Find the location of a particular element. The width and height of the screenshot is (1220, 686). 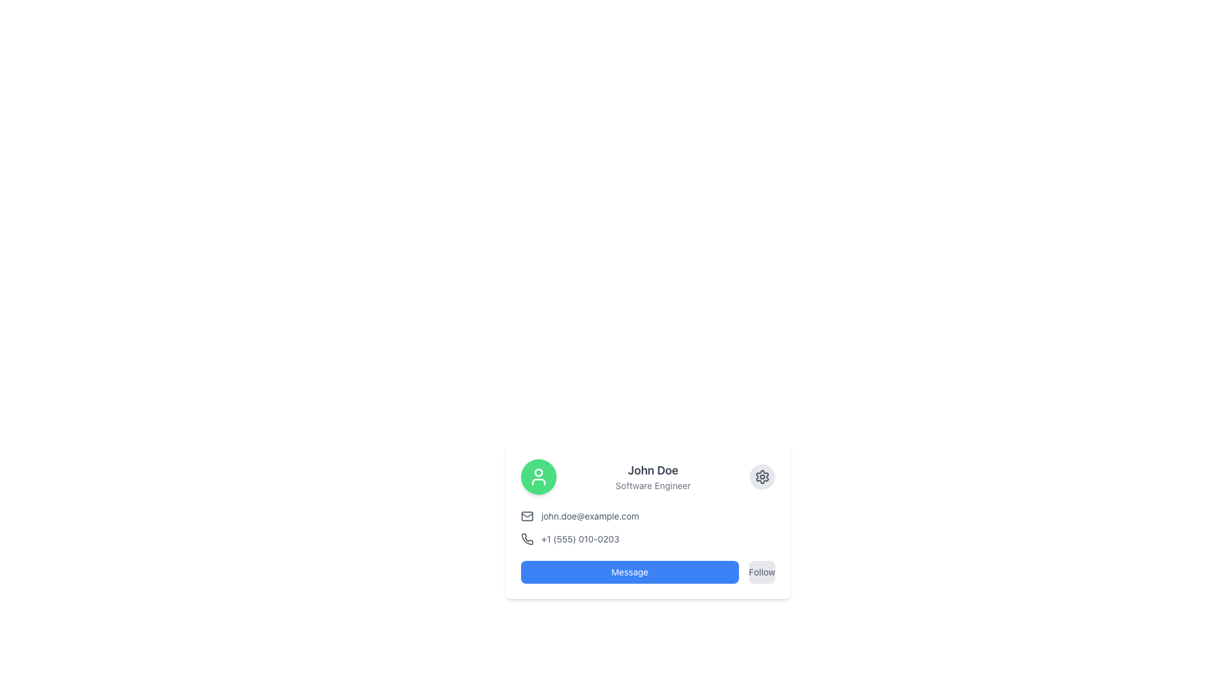

the envelope icon that is located to the left of the email address 'john.doe@example.com' is located at coordinates (527, 516).